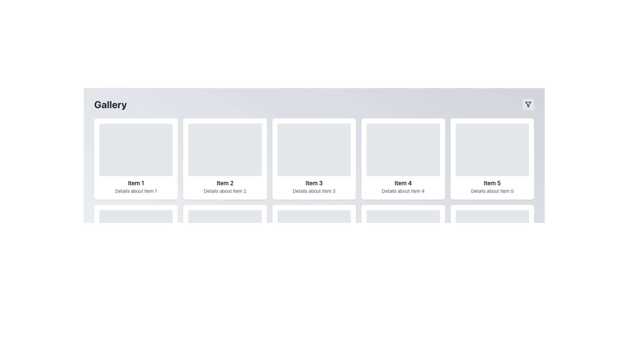  What do you see at coordinates (136, 159) in the screenshot?
I see `the first card in the grid layout` at bounding box center [136, 159].